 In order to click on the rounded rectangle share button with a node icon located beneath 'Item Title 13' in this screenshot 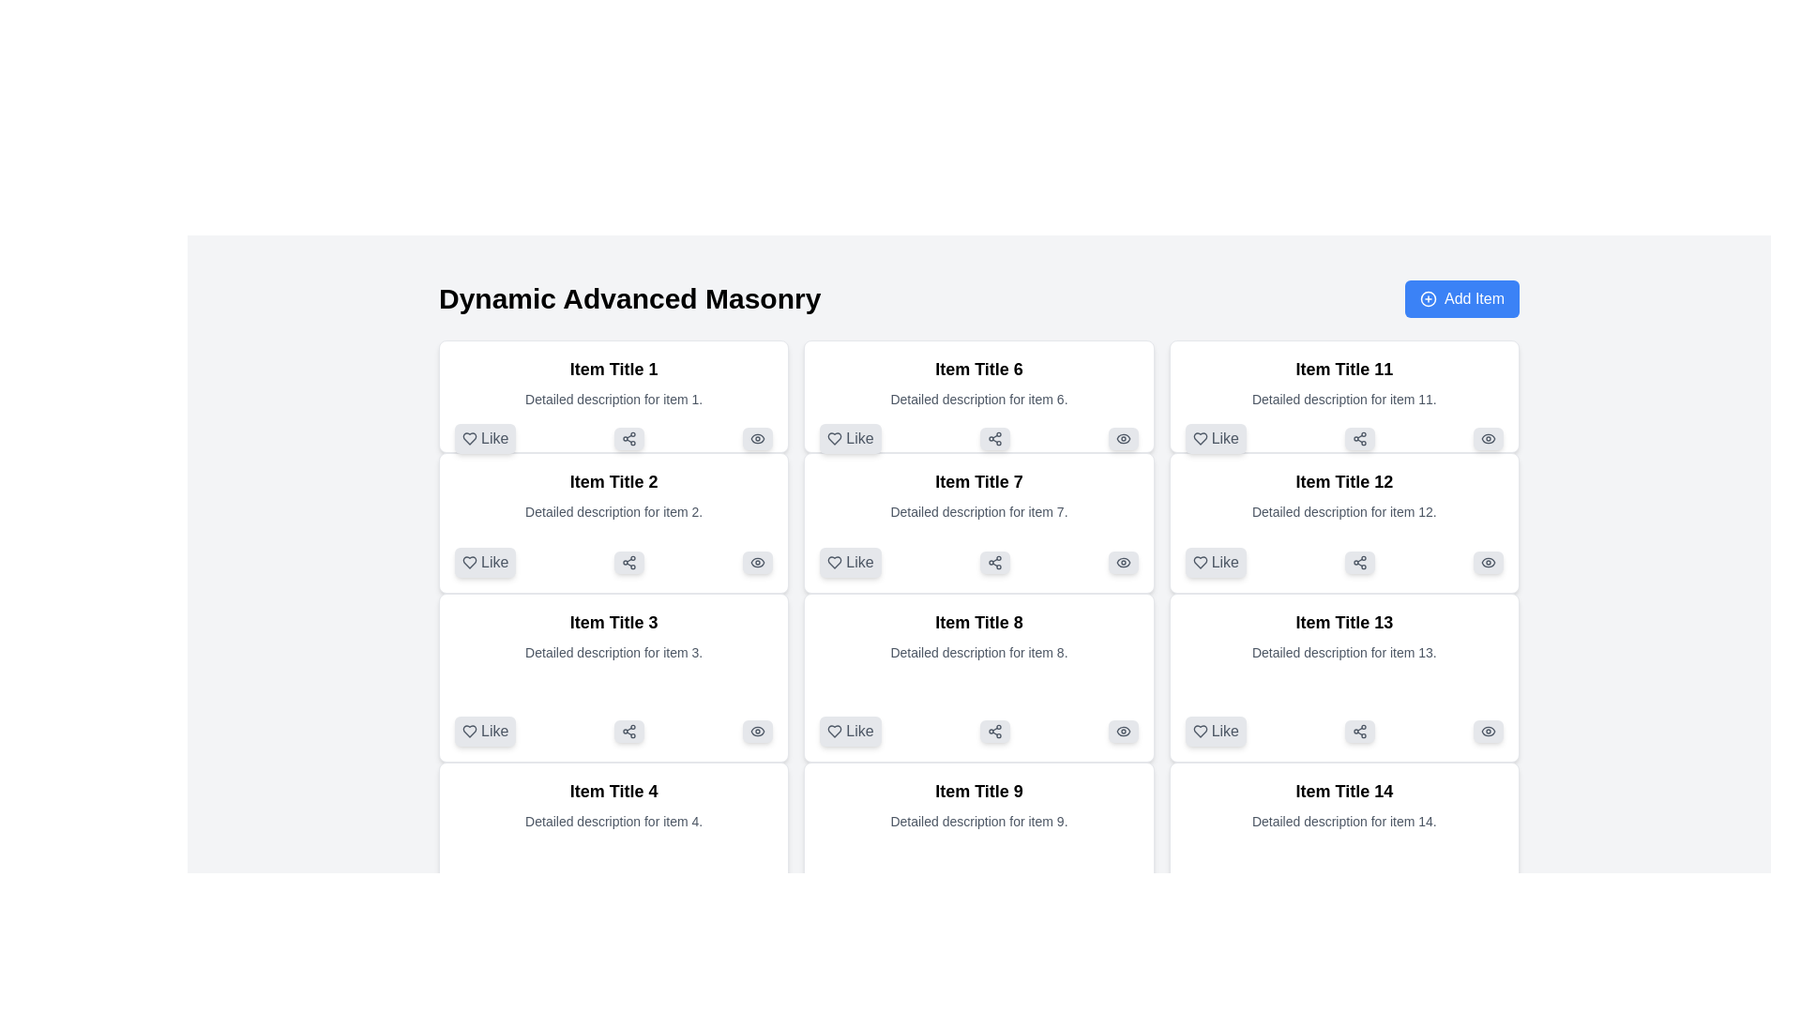, I will do `click(1343, 730)`.